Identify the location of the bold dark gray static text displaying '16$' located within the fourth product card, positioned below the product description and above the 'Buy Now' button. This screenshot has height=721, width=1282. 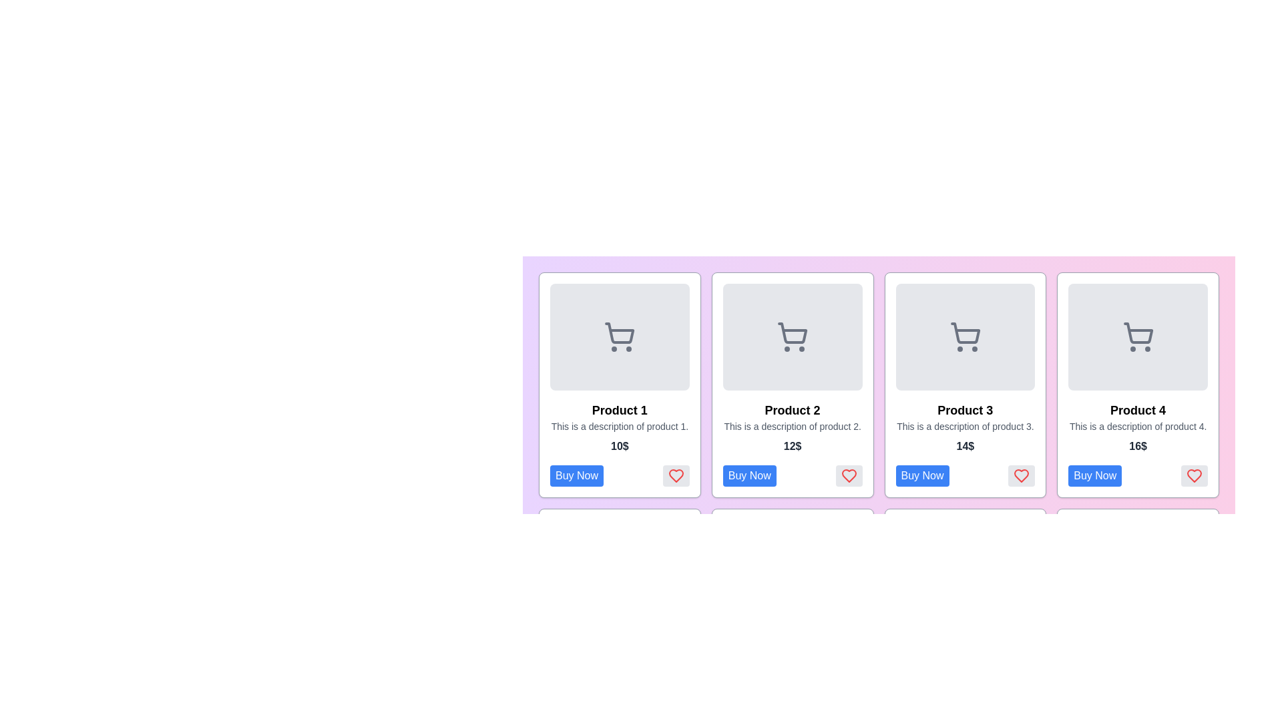
(1137, 446).